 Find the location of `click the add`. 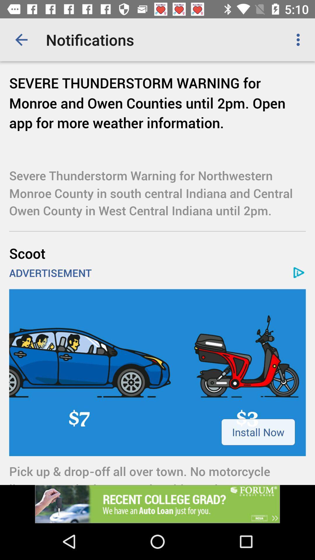

click the add is located at coordinates (157, 504).